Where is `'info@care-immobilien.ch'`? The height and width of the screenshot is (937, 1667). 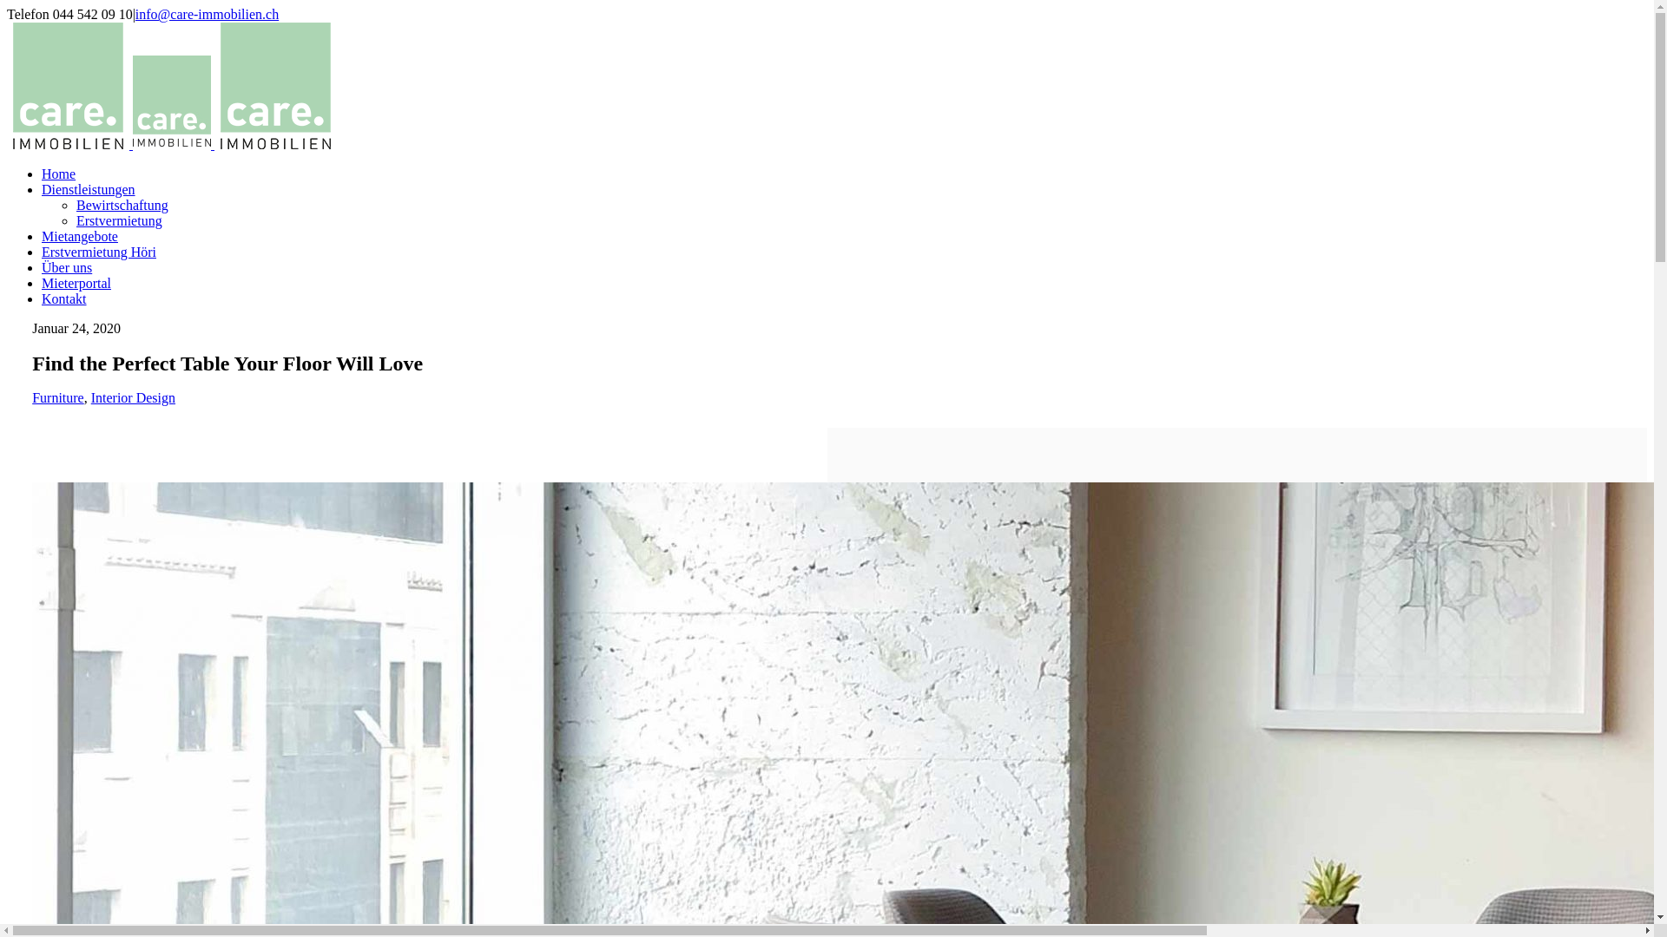 'info@care-immobilien.ch' is located at coordinates (207, 14).